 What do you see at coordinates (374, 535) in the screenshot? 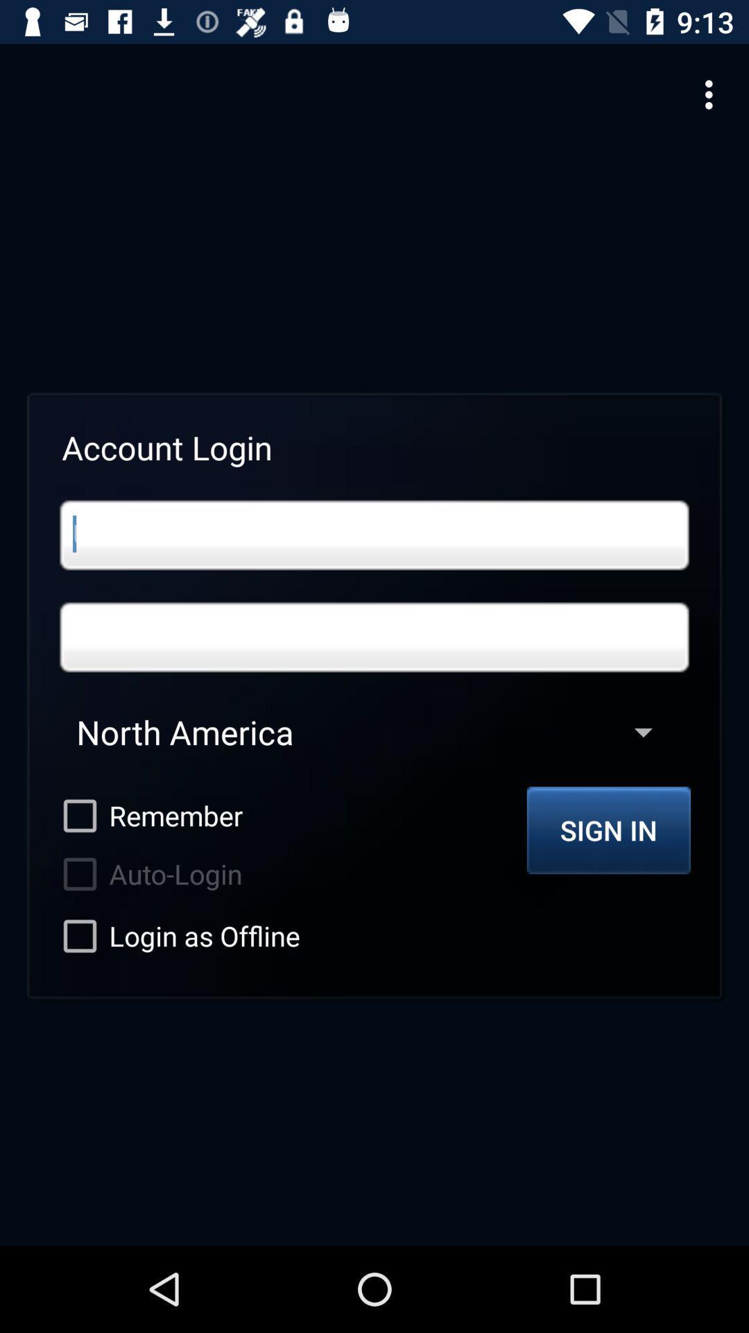
I see `username` at bounding box center [374, 535].